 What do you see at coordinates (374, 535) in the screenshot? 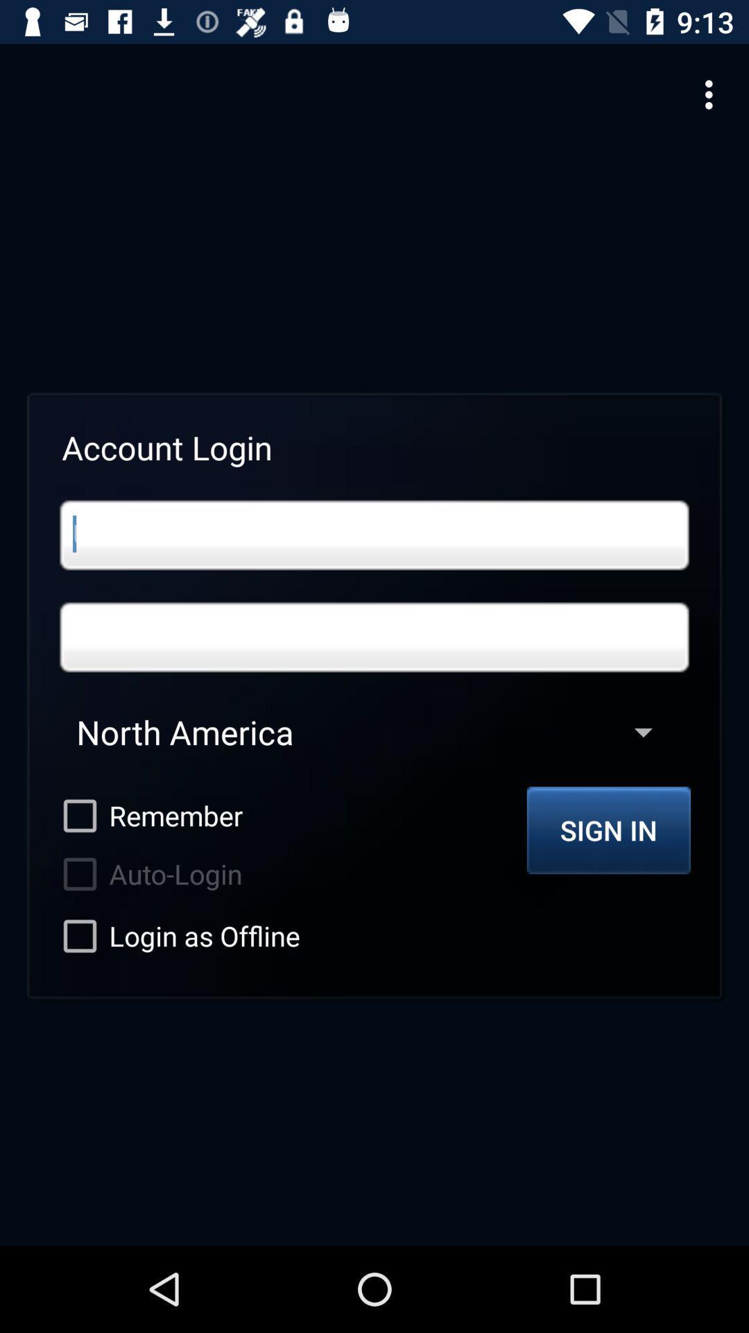
I see `username` at bounding box center [374, 535].